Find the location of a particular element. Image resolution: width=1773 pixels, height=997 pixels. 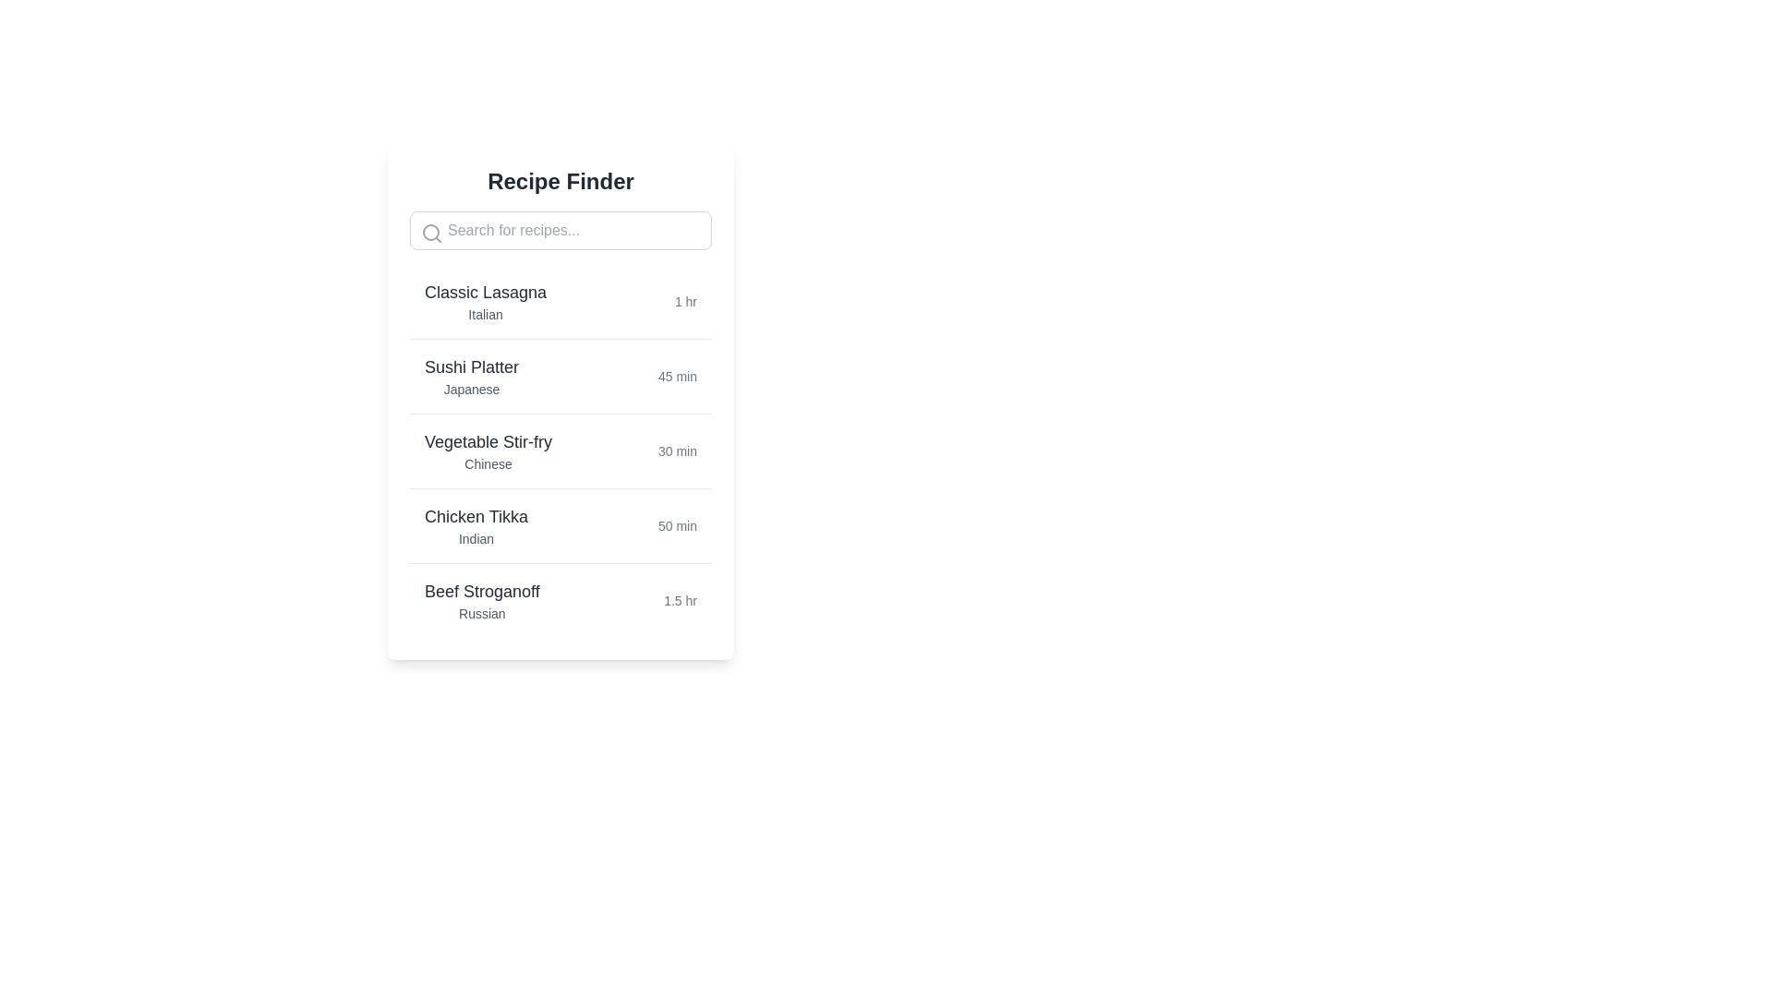

the text label displaying 'Sushi Platter', which is styled as a title in a bold font, located in the second row of the 'Recipe Finder' card beneath 'Classic Lasagna' is located at coordinates (472, 376).